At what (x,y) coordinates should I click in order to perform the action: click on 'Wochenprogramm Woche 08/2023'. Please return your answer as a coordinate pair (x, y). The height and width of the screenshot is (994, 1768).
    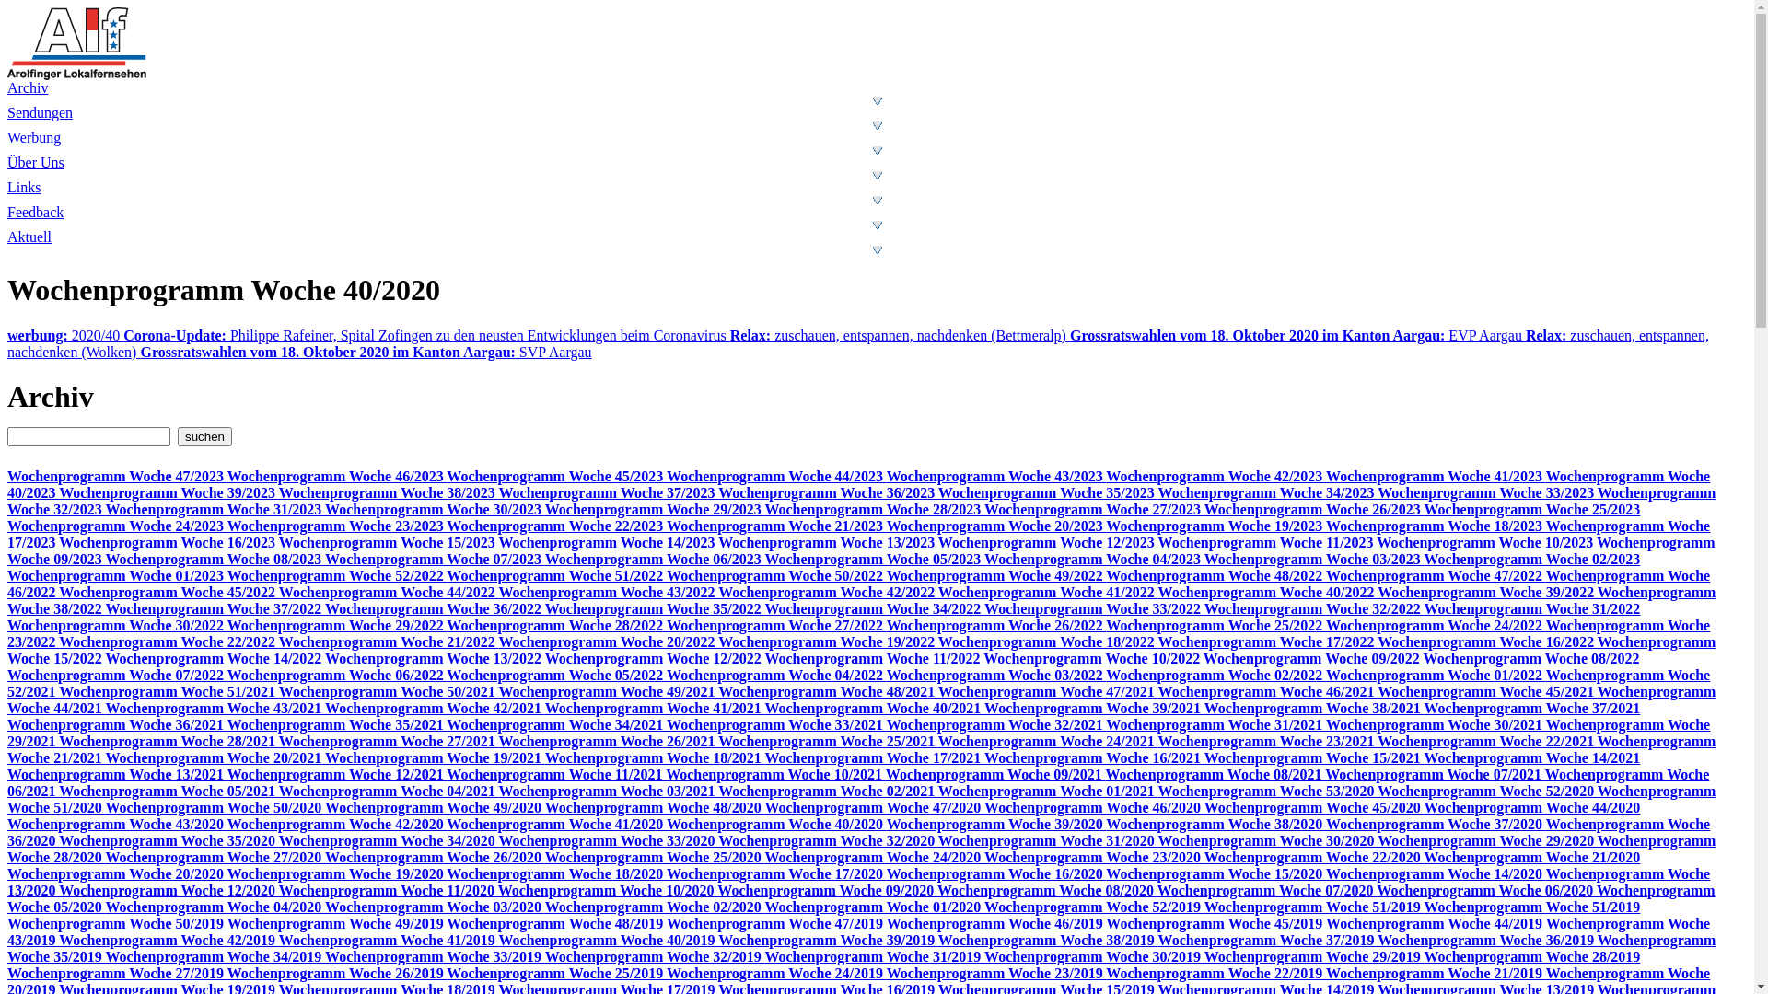
    Looking at the image, I should click on (215, 558).